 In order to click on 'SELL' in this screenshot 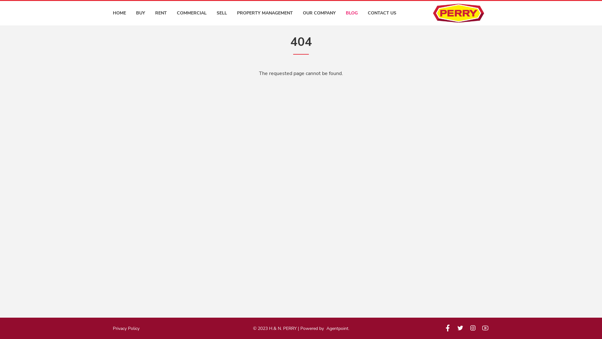, I will do `click(217, 13)`.